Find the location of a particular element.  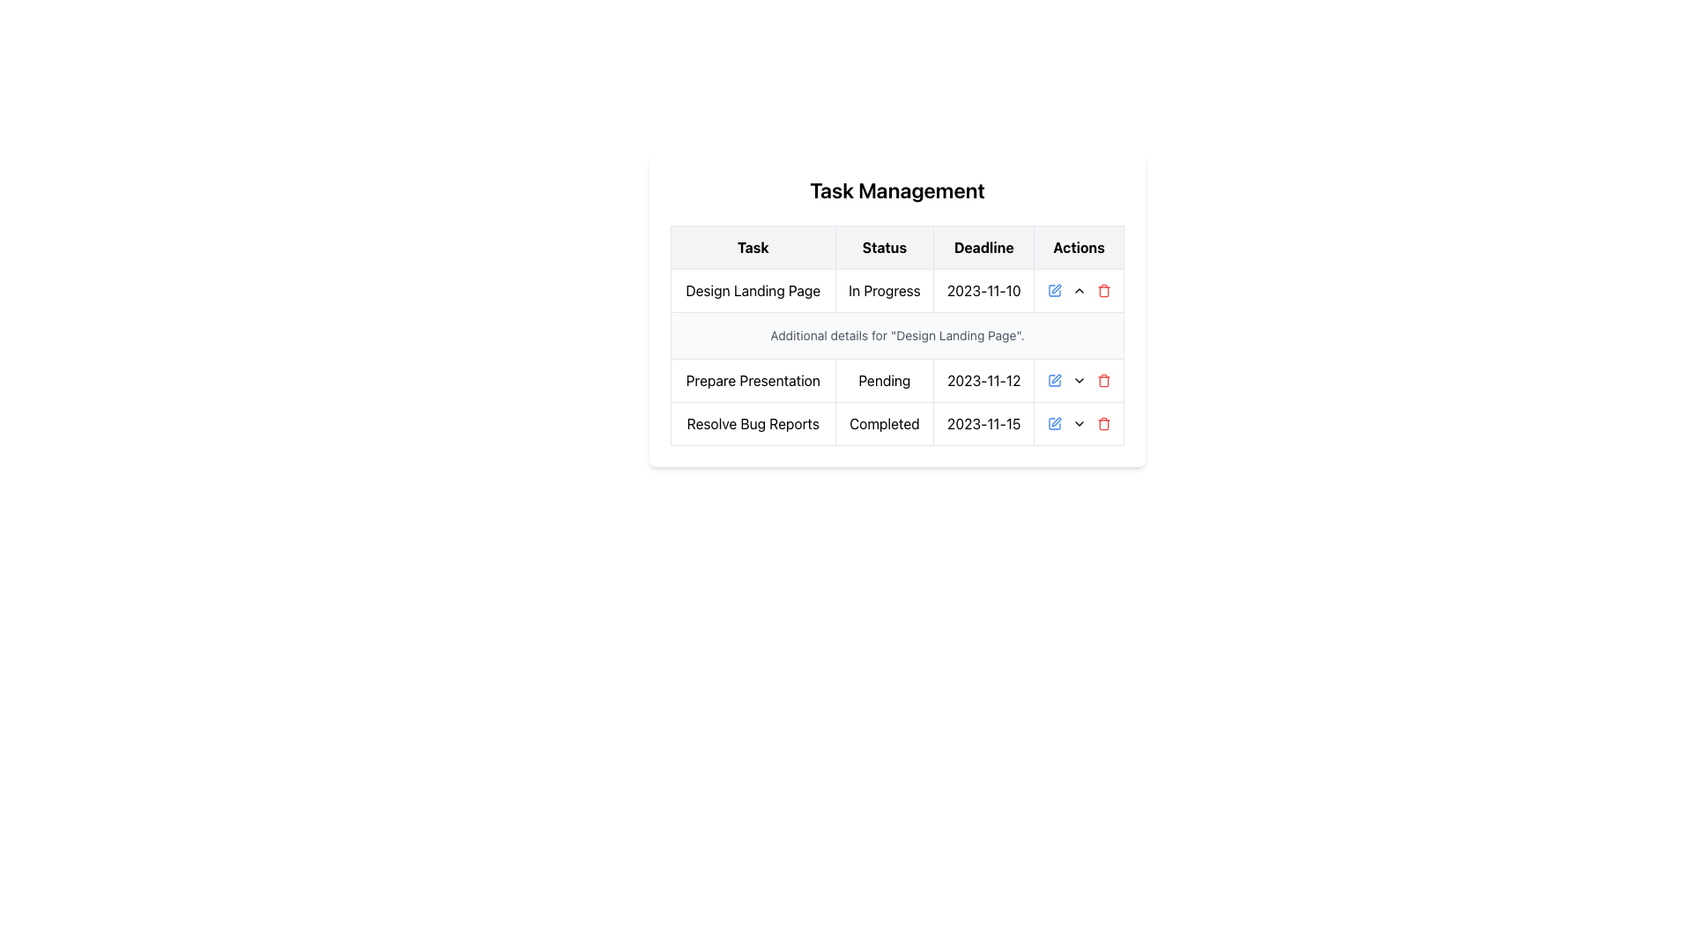

the text display box indicating the deadline date for the 'Design Landing Page' task, located in the third column of the first row under the 'Deadline' header is located at coordinates (983, 290).